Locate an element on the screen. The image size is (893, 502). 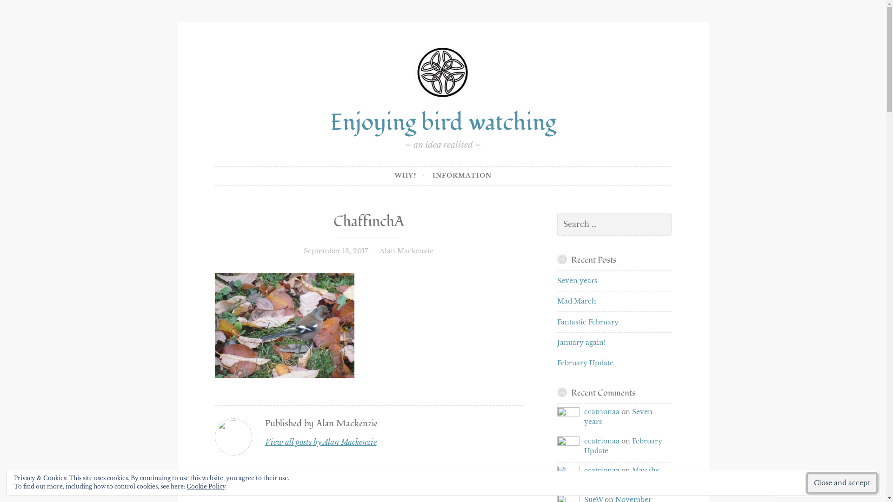
'Follow' is located at coordinates (843, 489).